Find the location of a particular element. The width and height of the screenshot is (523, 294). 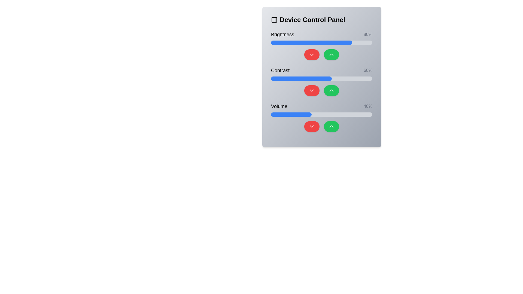

the volume is located at coordinates (329, 114).